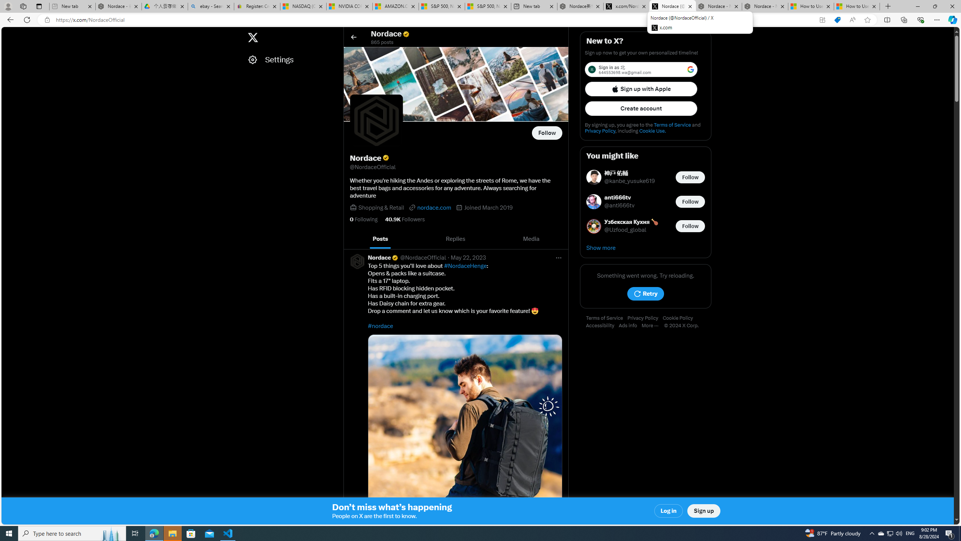  I want to click on 'More', so click(652, 325).